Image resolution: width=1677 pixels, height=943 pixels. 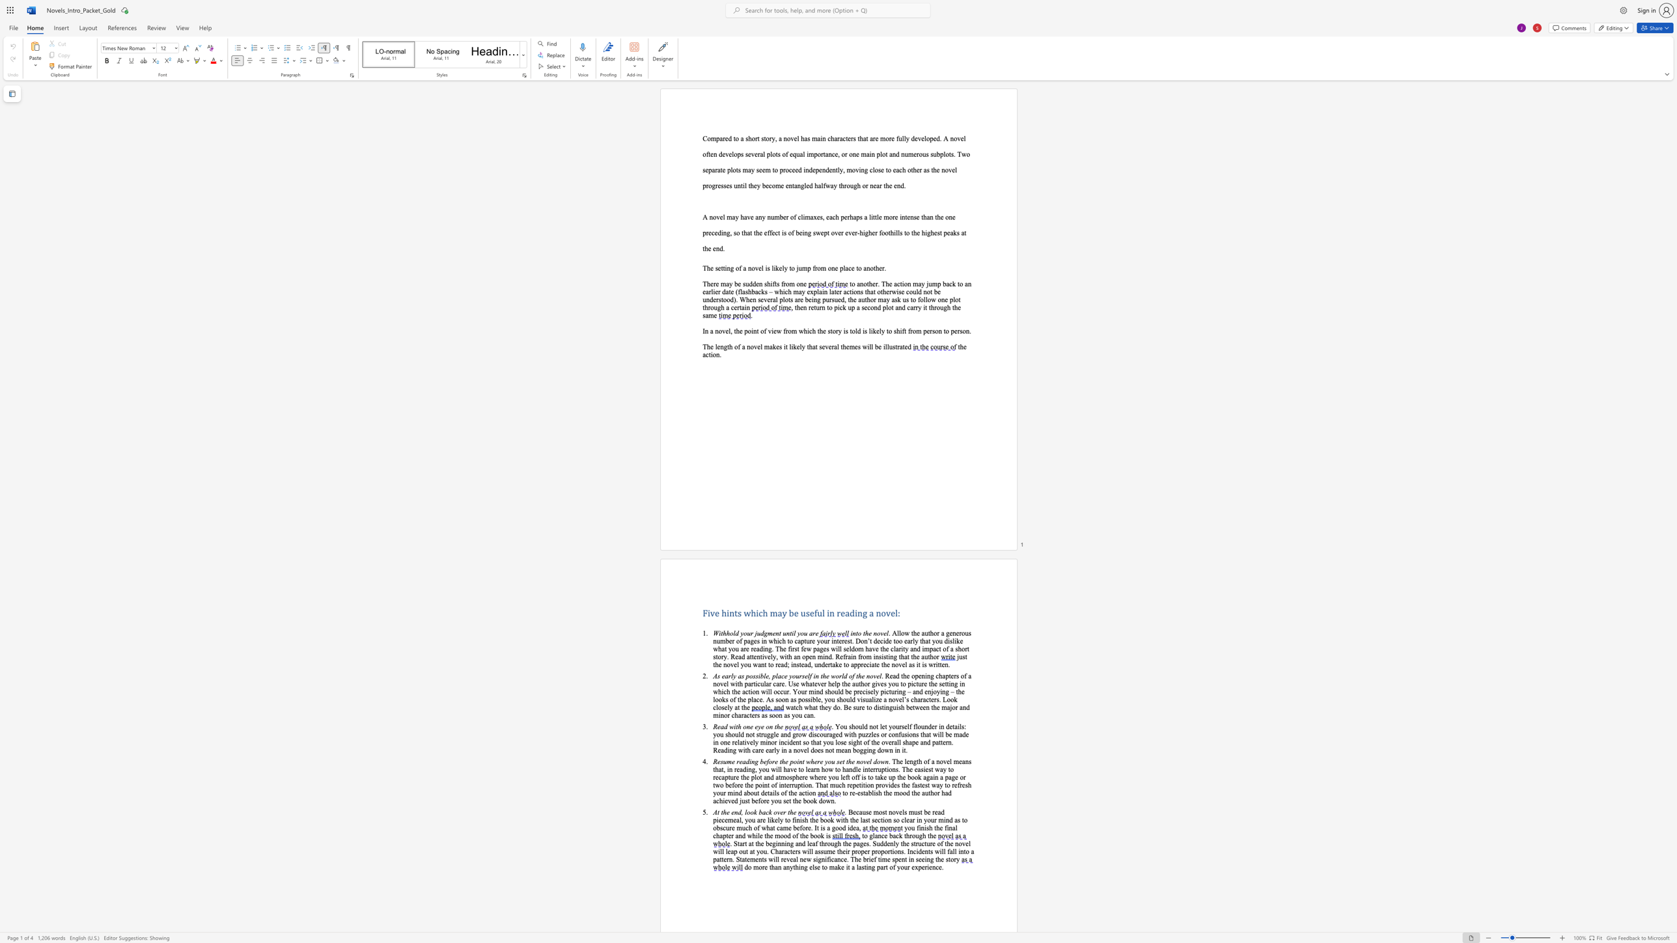 What do you see at coordinates (737, 726) in the screenshot?
I see `the subset text "h one eye on th" within the text "Read with one eye on the"` at bounding box center [737, 726].